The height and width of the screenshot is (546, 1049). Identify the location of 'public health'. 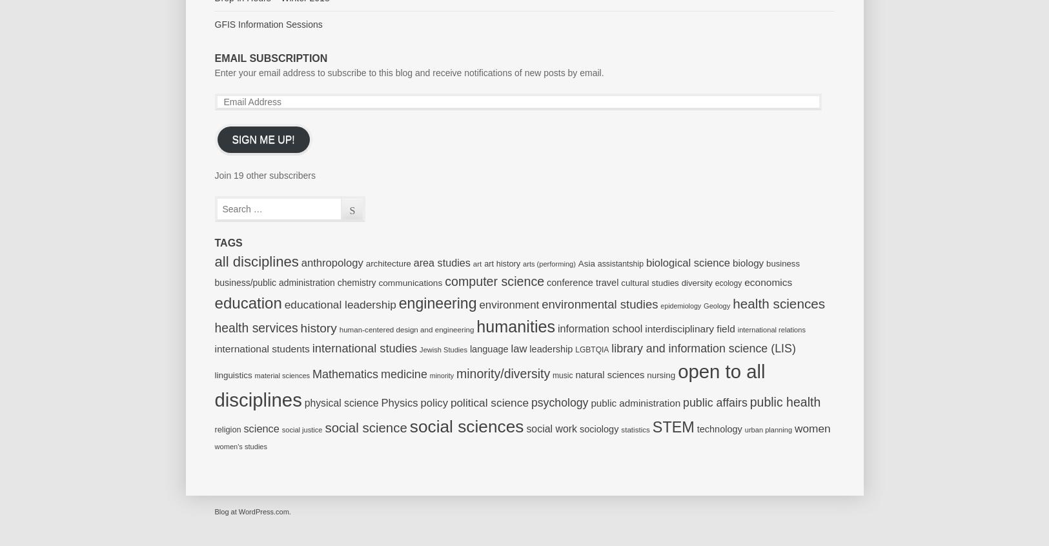
(784, 400).